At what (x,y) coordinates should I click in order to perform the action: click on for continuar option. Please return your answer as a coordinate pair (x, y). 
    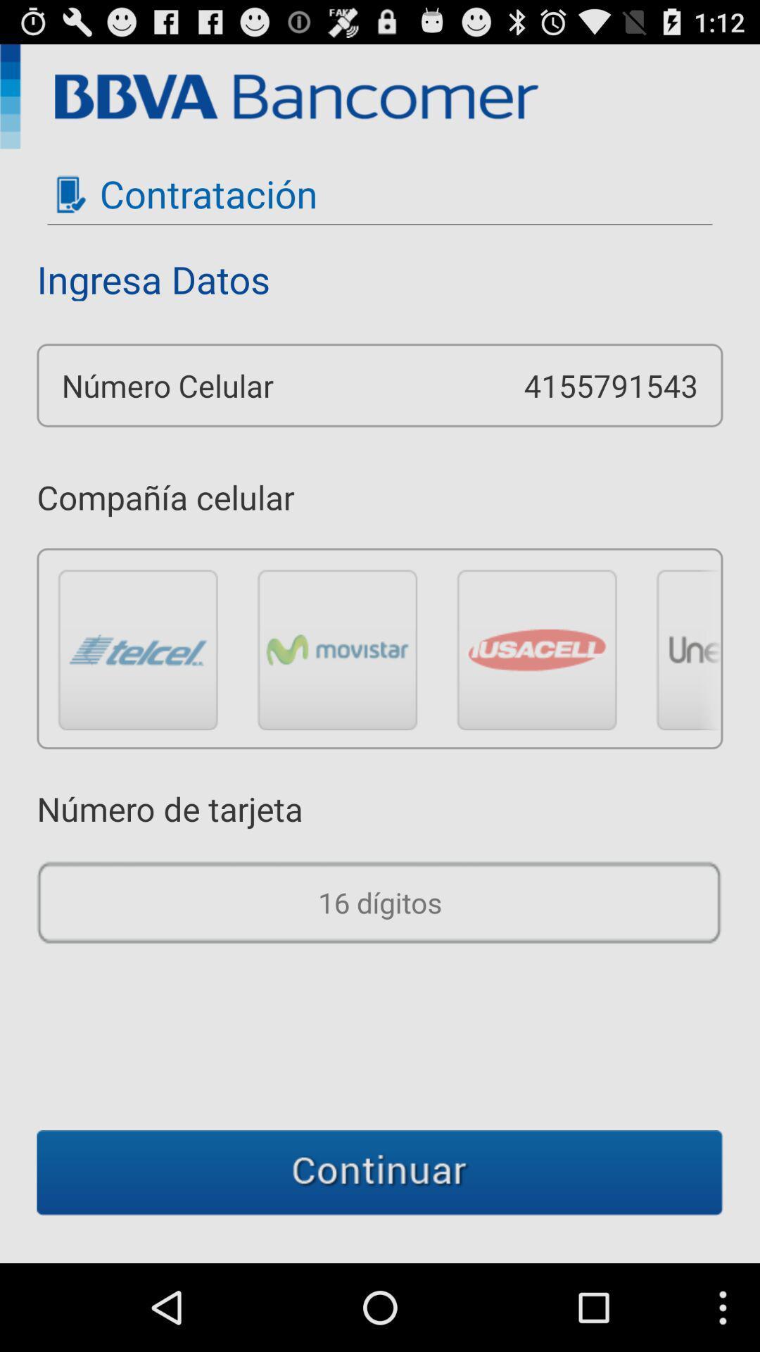
    Looking at the image, I should click on (380, 1172).